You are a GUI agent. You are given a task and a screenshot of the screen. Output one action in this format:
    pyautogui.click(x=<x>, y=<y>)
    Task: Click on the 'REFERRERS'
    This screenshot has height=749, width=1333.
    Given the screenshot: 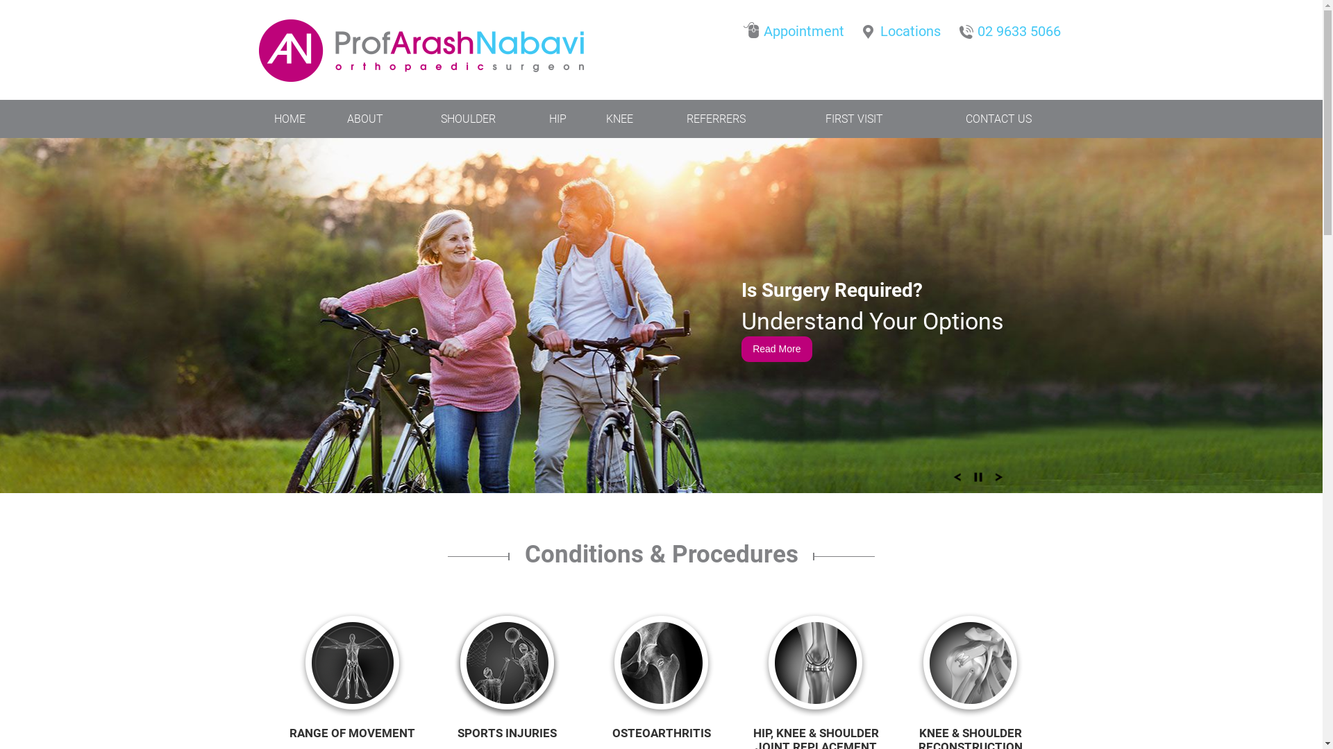 What is the action you would take?
    pyautogui.click(x=653, y=118)
    